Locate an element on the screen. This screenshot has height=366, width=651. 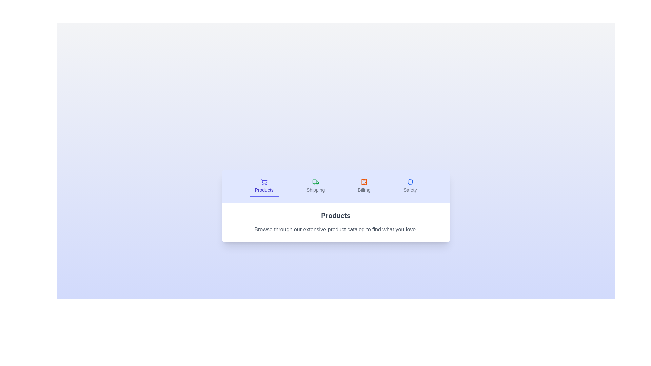
the Safety tab to switch to its content is located at coordinates (410, 186).